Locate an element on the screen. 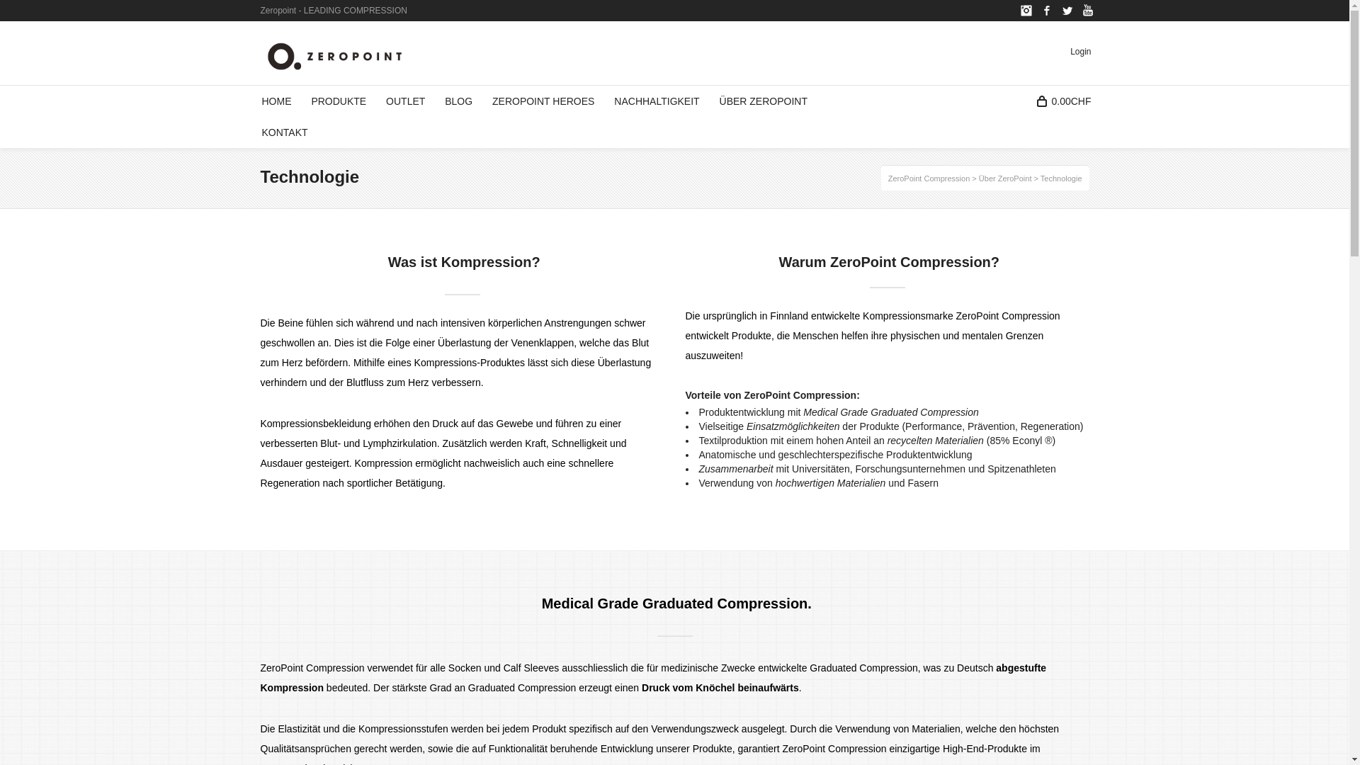  'Login' is located at coordinates (1084, 51).